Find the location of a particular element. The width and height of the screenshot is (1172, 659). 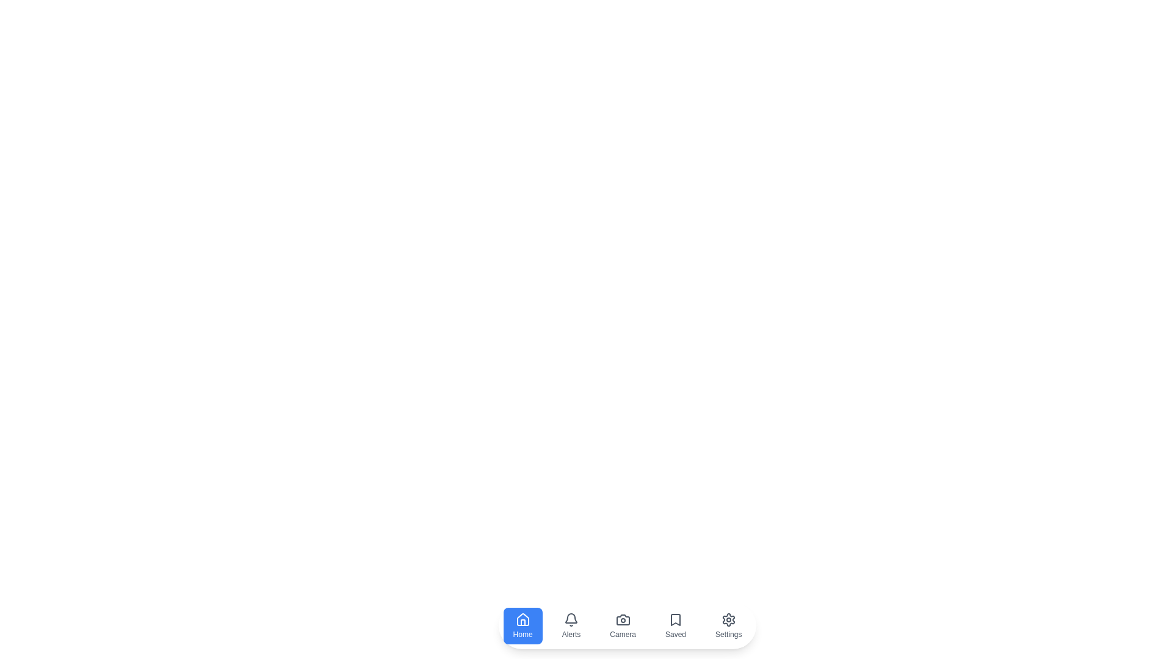

the navigation item Saved by clicking on its respective button is located at coordinates (675, 626).